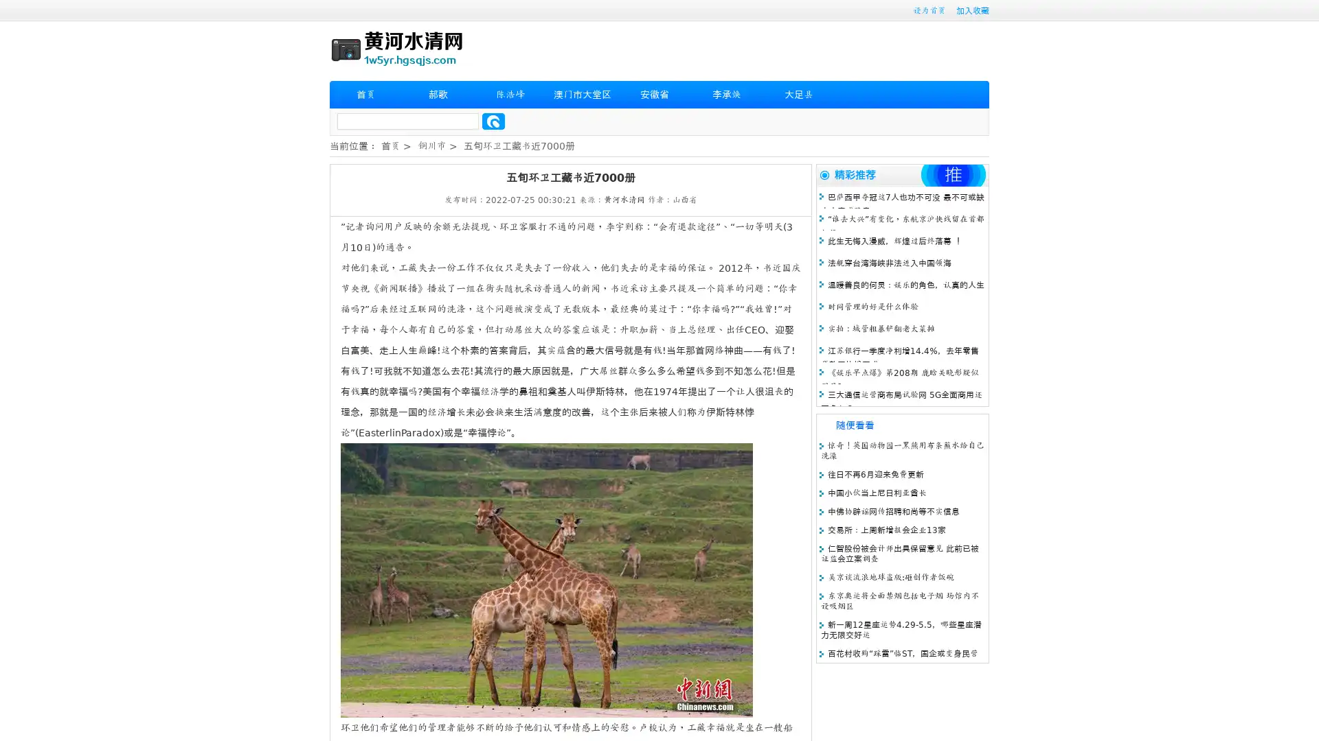 The image size is (1319, 741). What do you see at coordinates (493, 121) in the screenshot?
I see `Search` at bounding box center [493, 121].